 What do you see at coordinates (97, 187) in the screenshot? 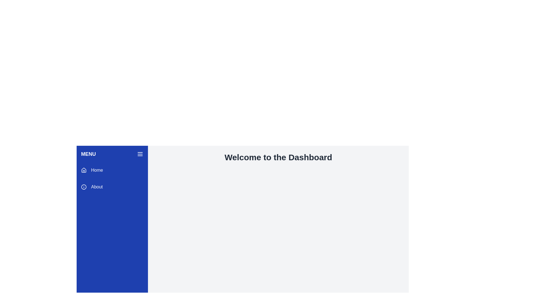
I see `the 'About' section text label located in the sidebar menu, which is positioned beneath the information icon` at bounding box center [97, 187].